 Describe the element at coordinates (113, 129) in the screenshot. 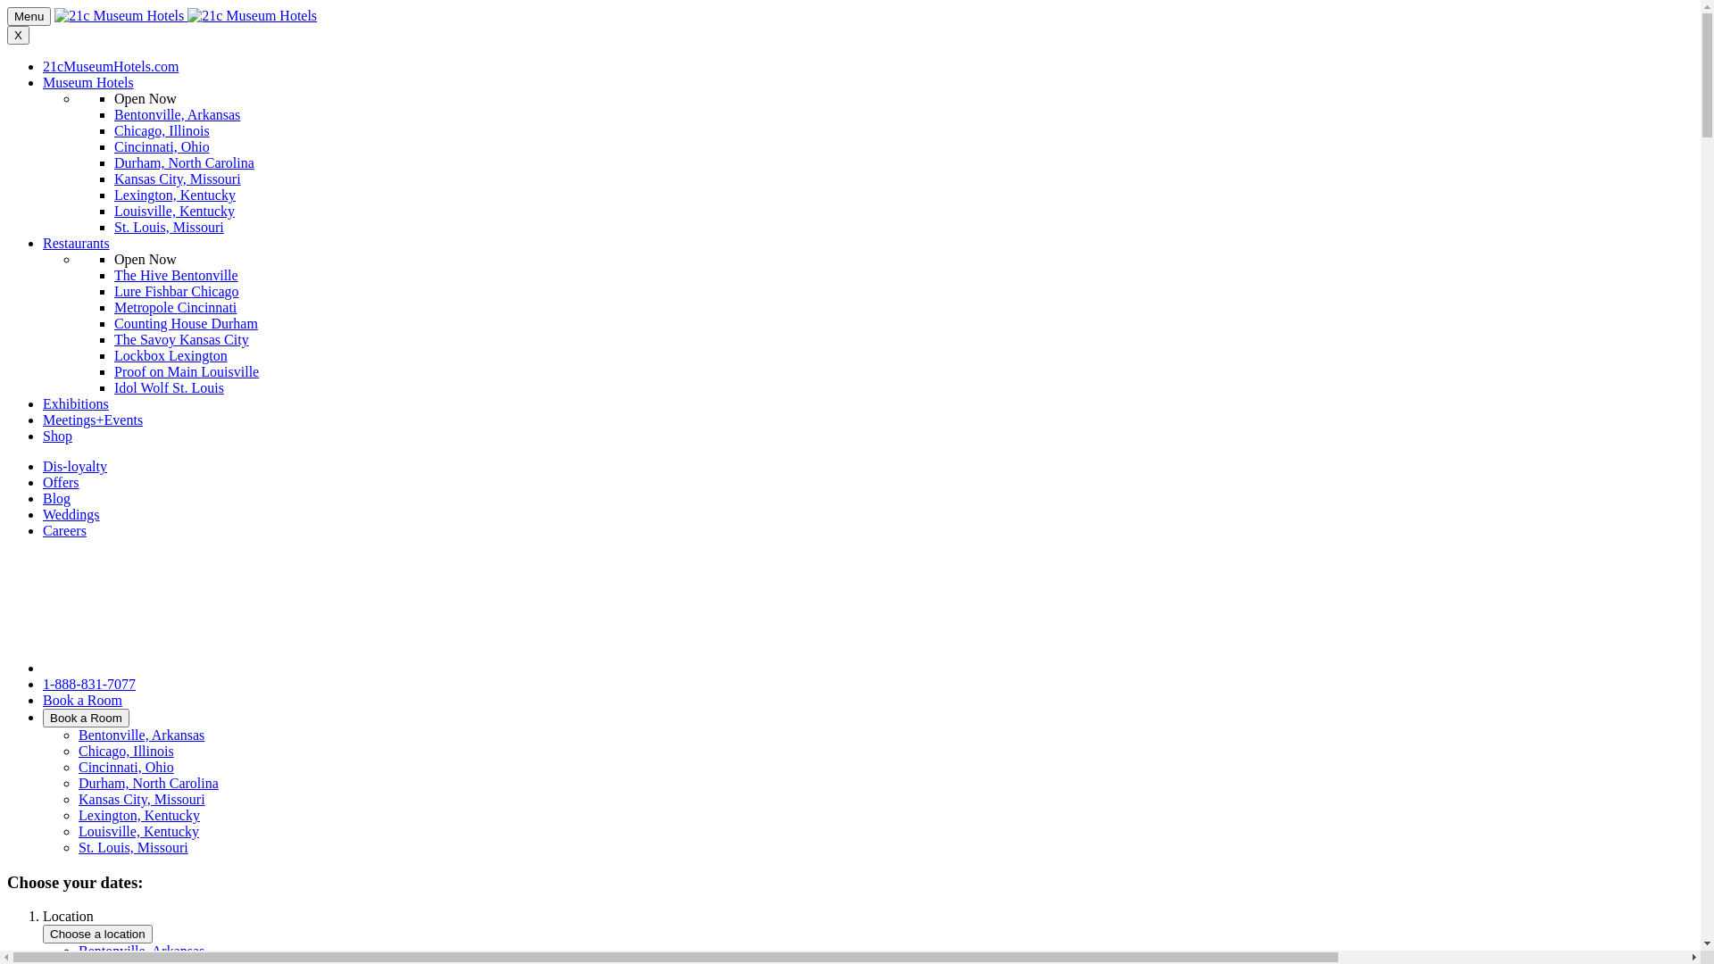

I see `'Chicago, Illinois'` at that location.